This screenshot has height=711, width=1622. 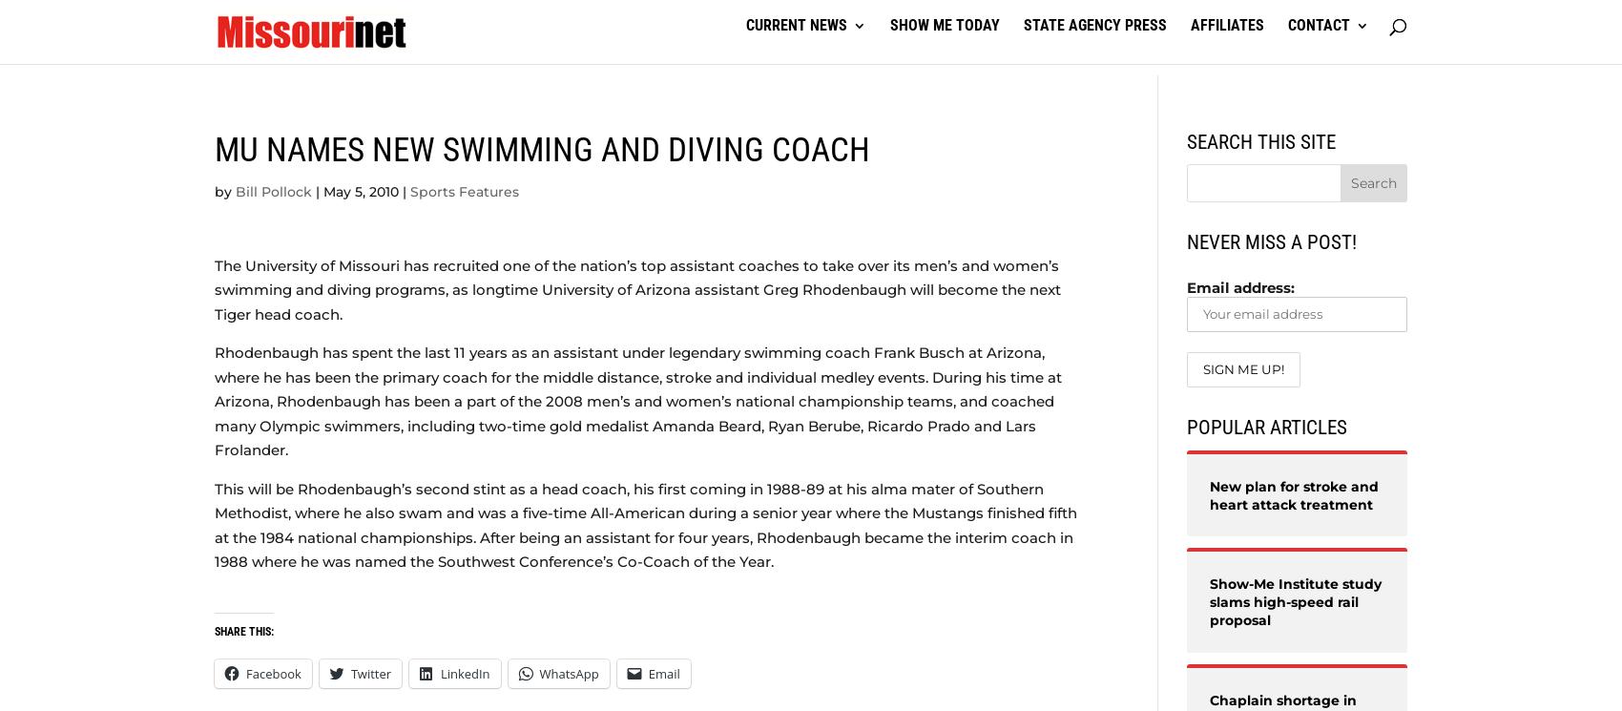 What do you see at coordinates (289, 156) in the screenshot?
I see `'Education'` at bounding box center [289, 156].